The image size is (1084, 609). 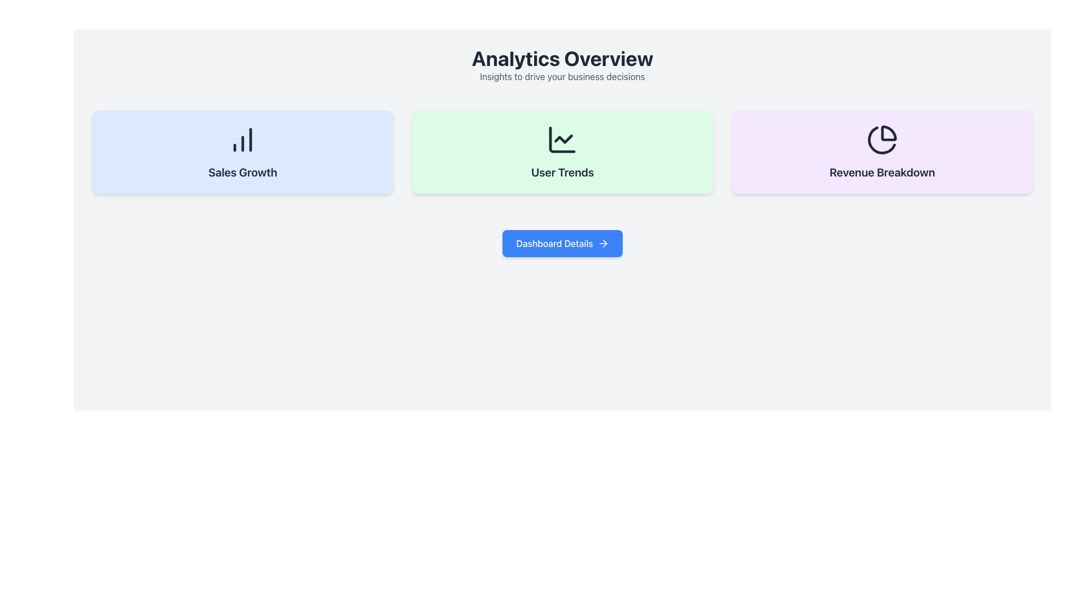 What do you see at coordinates (563, 138) in the screenshot?
I see `the small polyline styled in black, which appears as a zig-zag line within the green 'User Trends' card` at bounding box center [563, 138].